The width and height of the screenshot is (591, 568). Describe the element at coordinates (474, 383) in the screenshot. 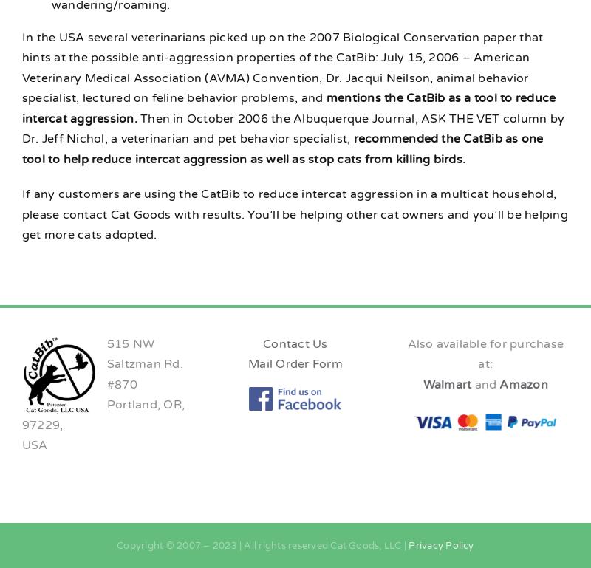

I see `'and'` at that location.